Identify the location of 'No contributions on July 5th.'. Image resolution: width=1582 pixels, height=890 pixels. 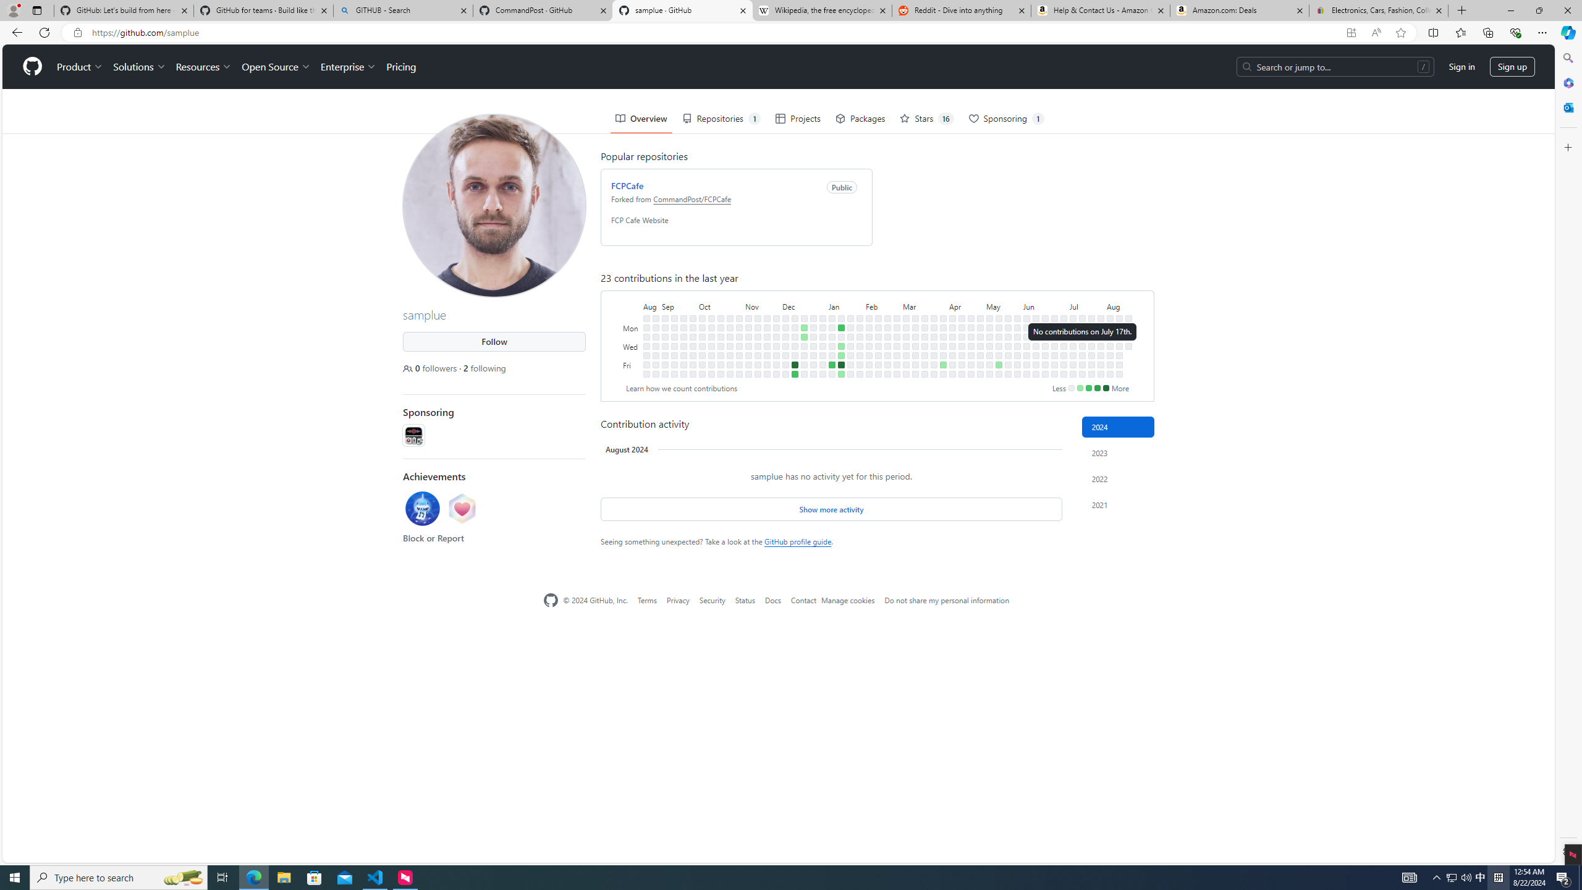
(1063, 364).